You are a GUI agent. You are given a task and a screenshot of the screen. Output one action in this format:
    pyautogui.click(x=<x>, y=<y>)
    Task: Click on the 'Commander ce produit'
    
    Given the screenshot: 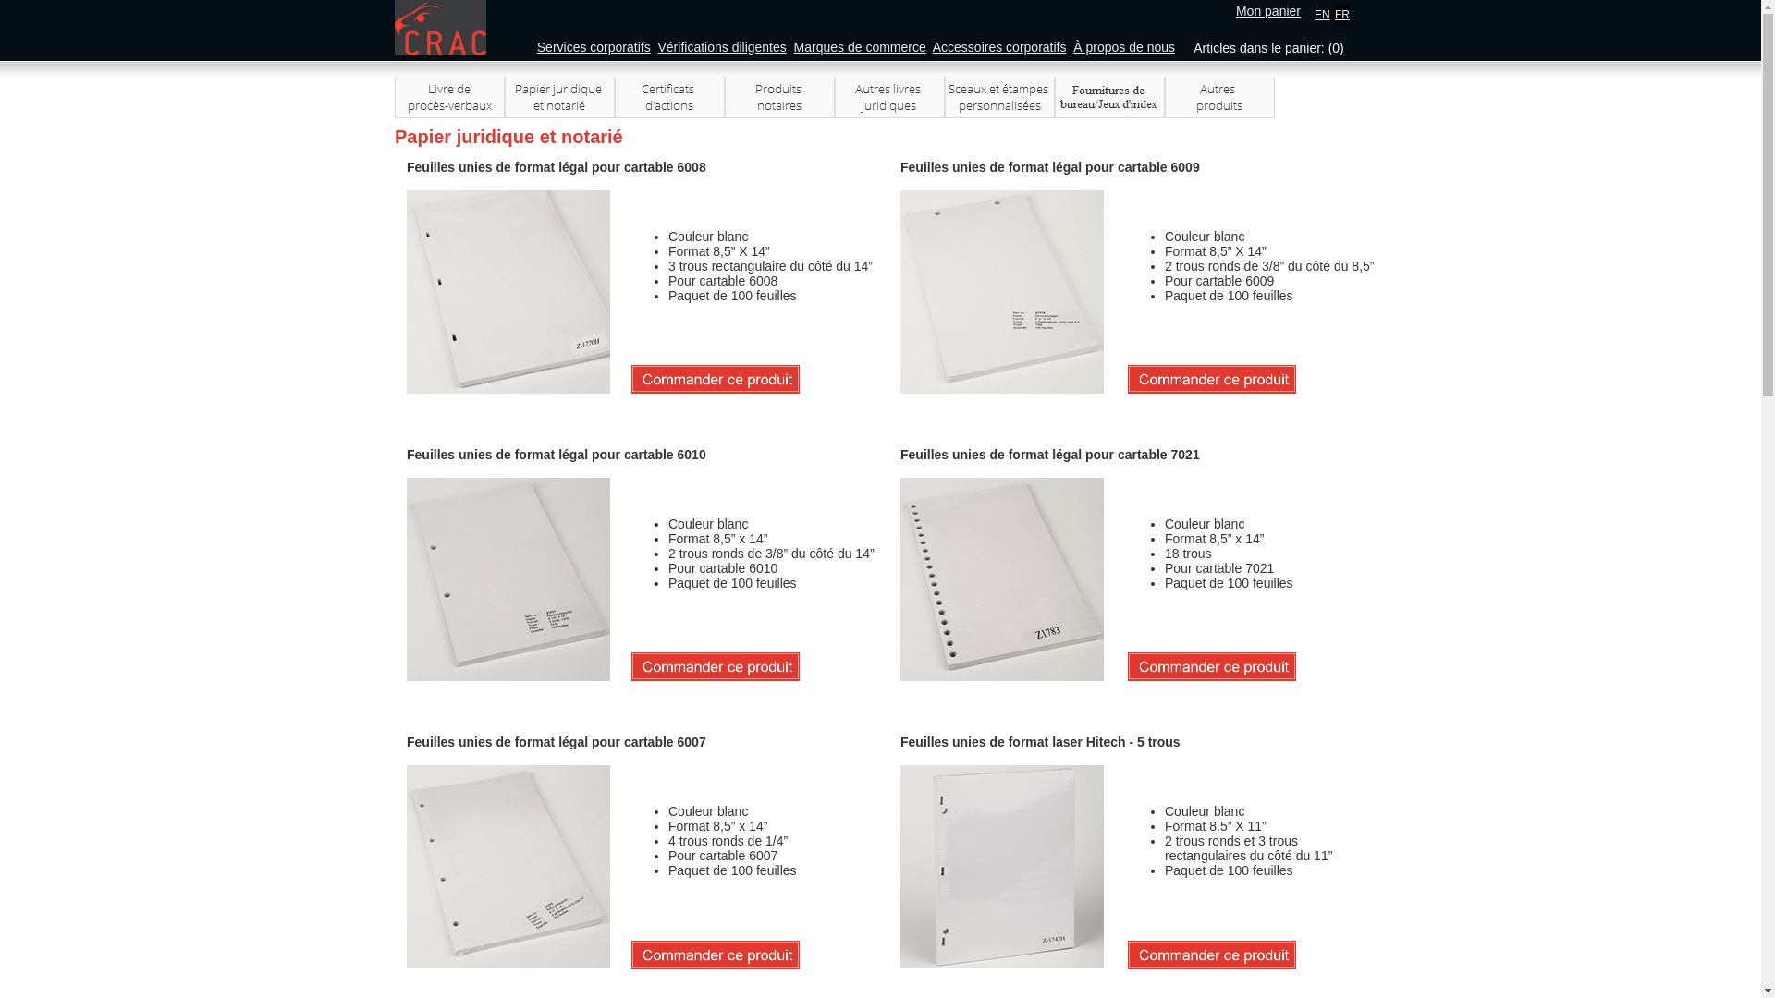 What is the action you would take?
    pyautogui.click(x=1211, y=666)
    